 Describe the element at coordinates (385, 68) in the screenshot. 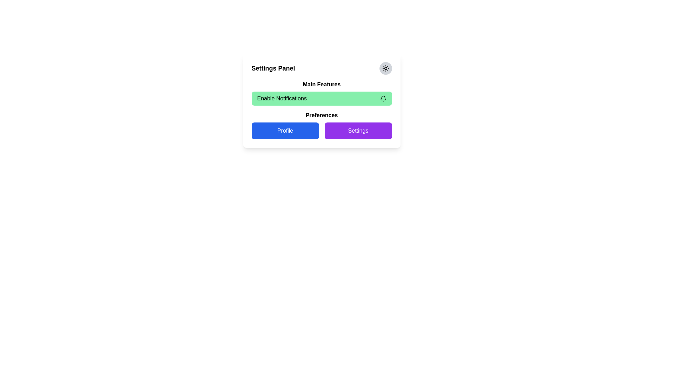

I see `the circular gray button with a sun-like icon located in the top-right corner of the Settings Panel` at that location.